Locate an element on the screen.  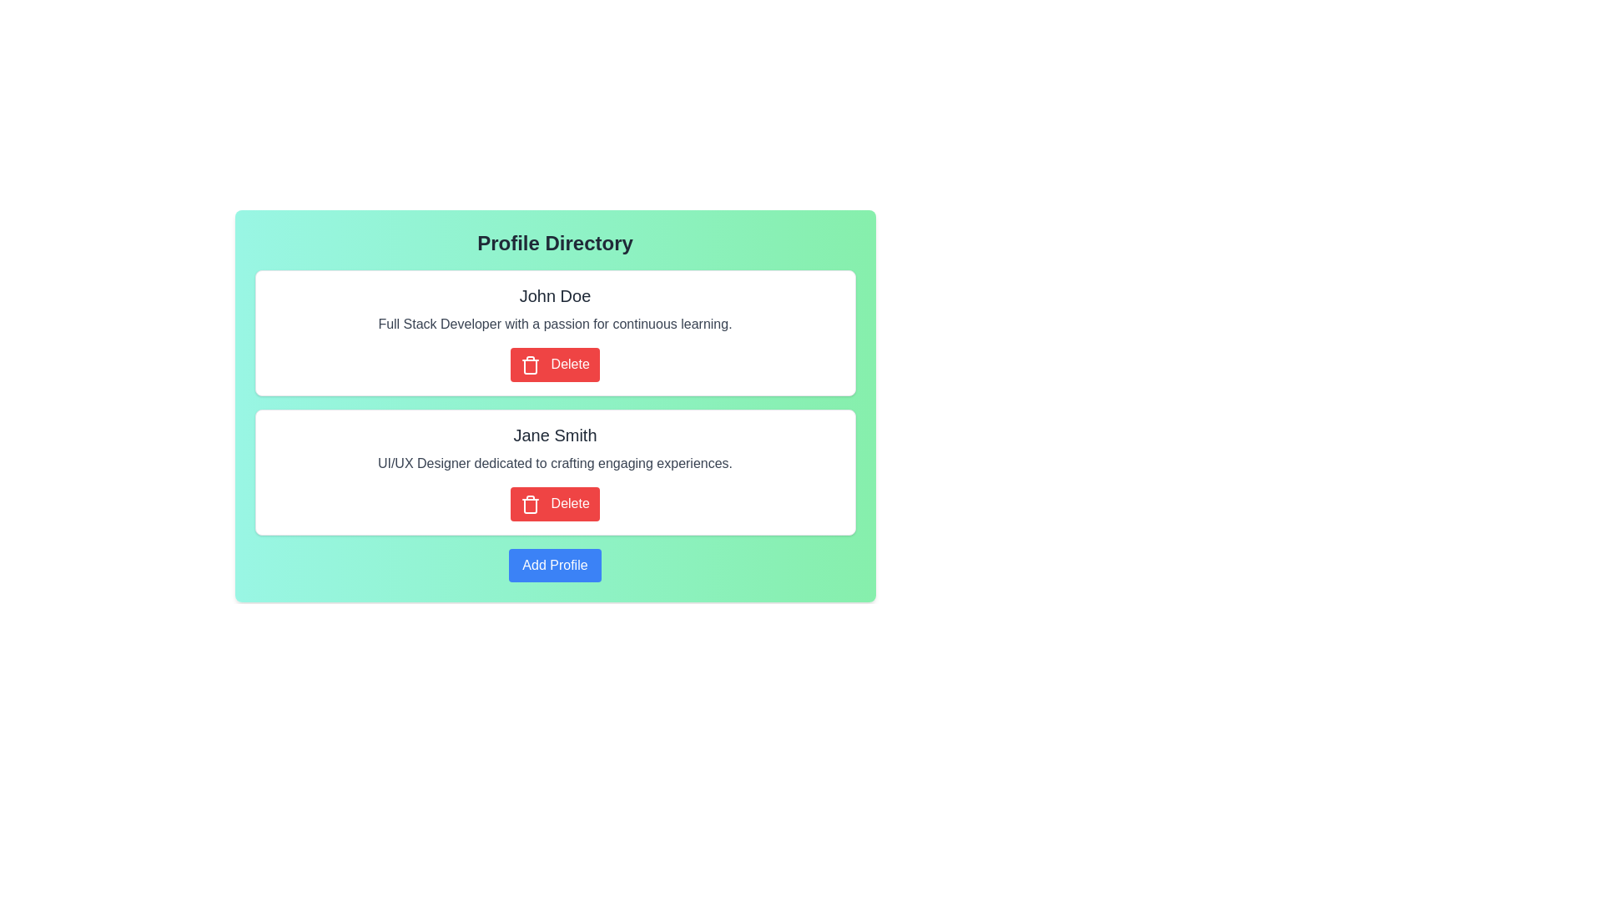
the Add Profile button located at the bottom of the interface, centered horizontally, below the outlined profile sections is located at coordinates (555, 564).